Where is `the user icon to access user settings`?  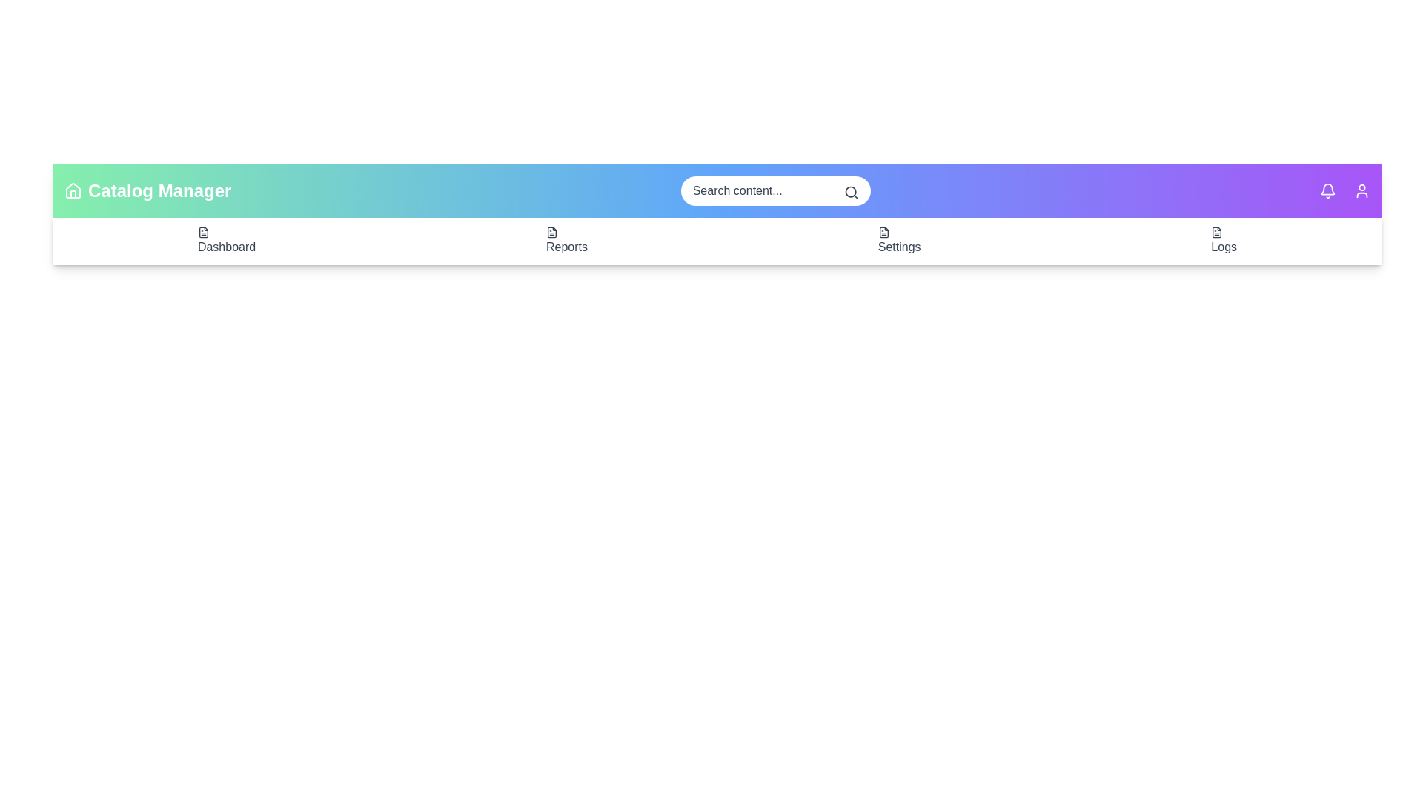
the user icon to access user settings is located at coordinates (1362, 190).